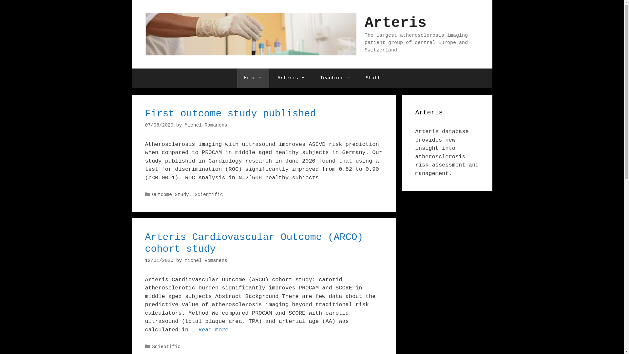 The image size is (629, 354). What do you see at coordinates (166, 346) in the screenshot?
I see `'Scientific'` at bounding box center [166, 346].